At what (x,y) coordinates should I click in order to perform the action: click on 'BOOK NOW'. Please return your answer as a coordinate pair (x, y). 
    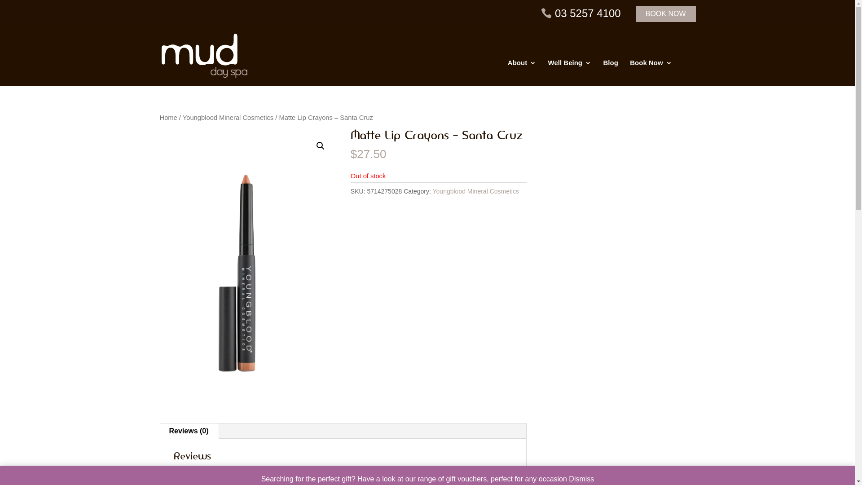
    Looking at the image, I should click on (666, 13).